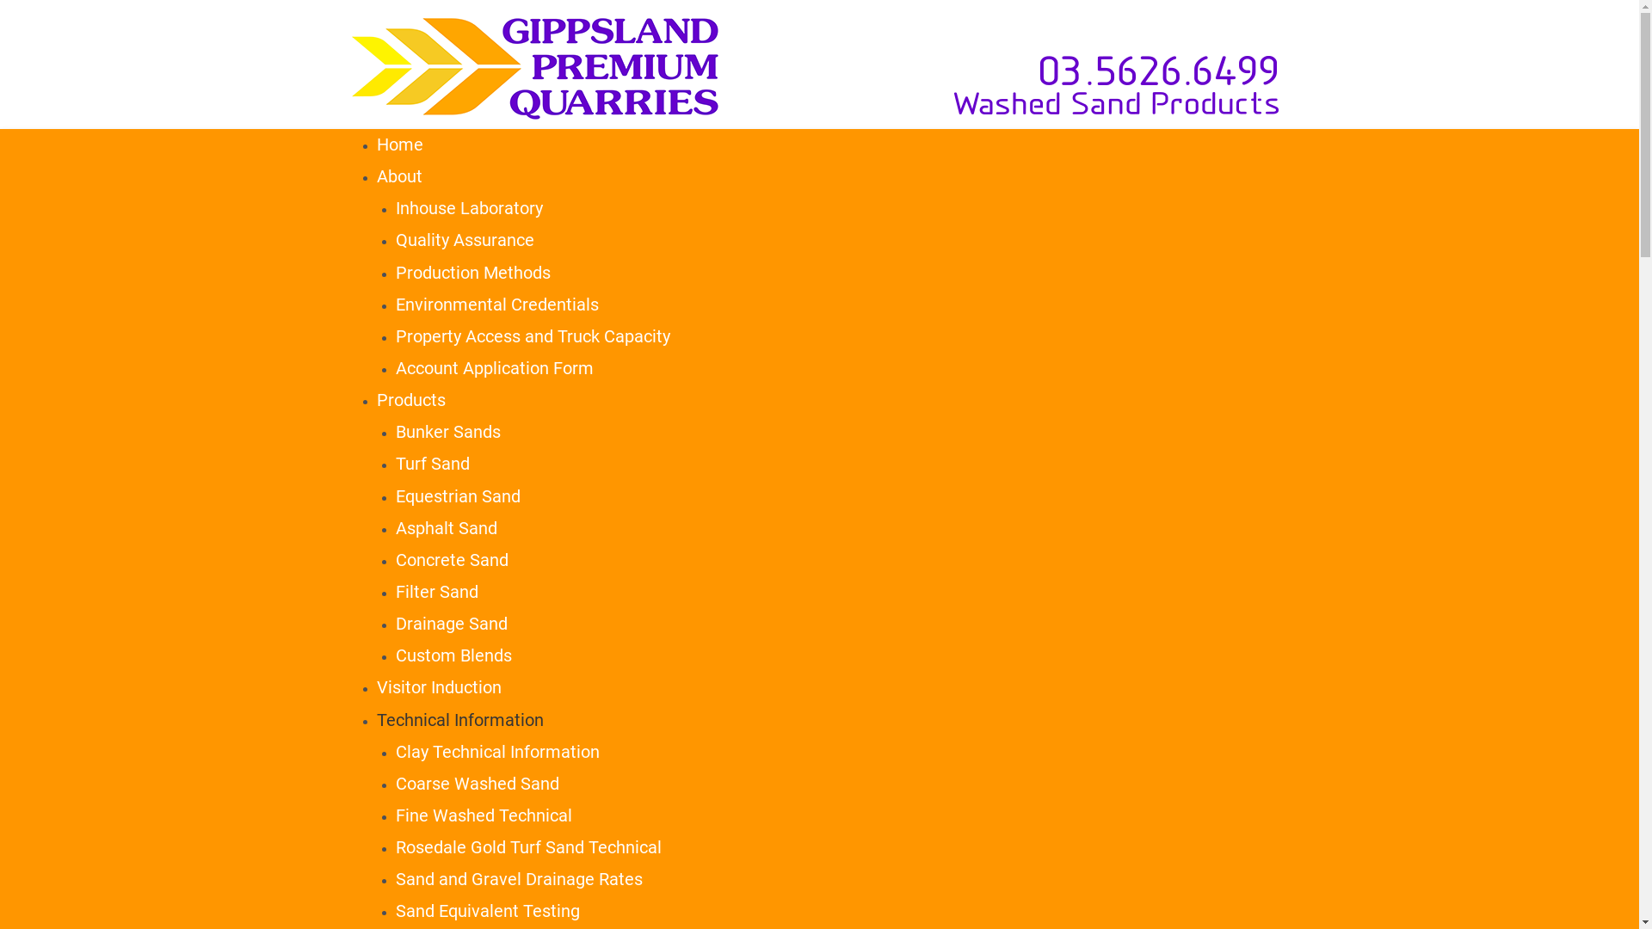 This screenshot has width=1652, height=929. I want to click on 'Quality Assurance', so click(465, 239).